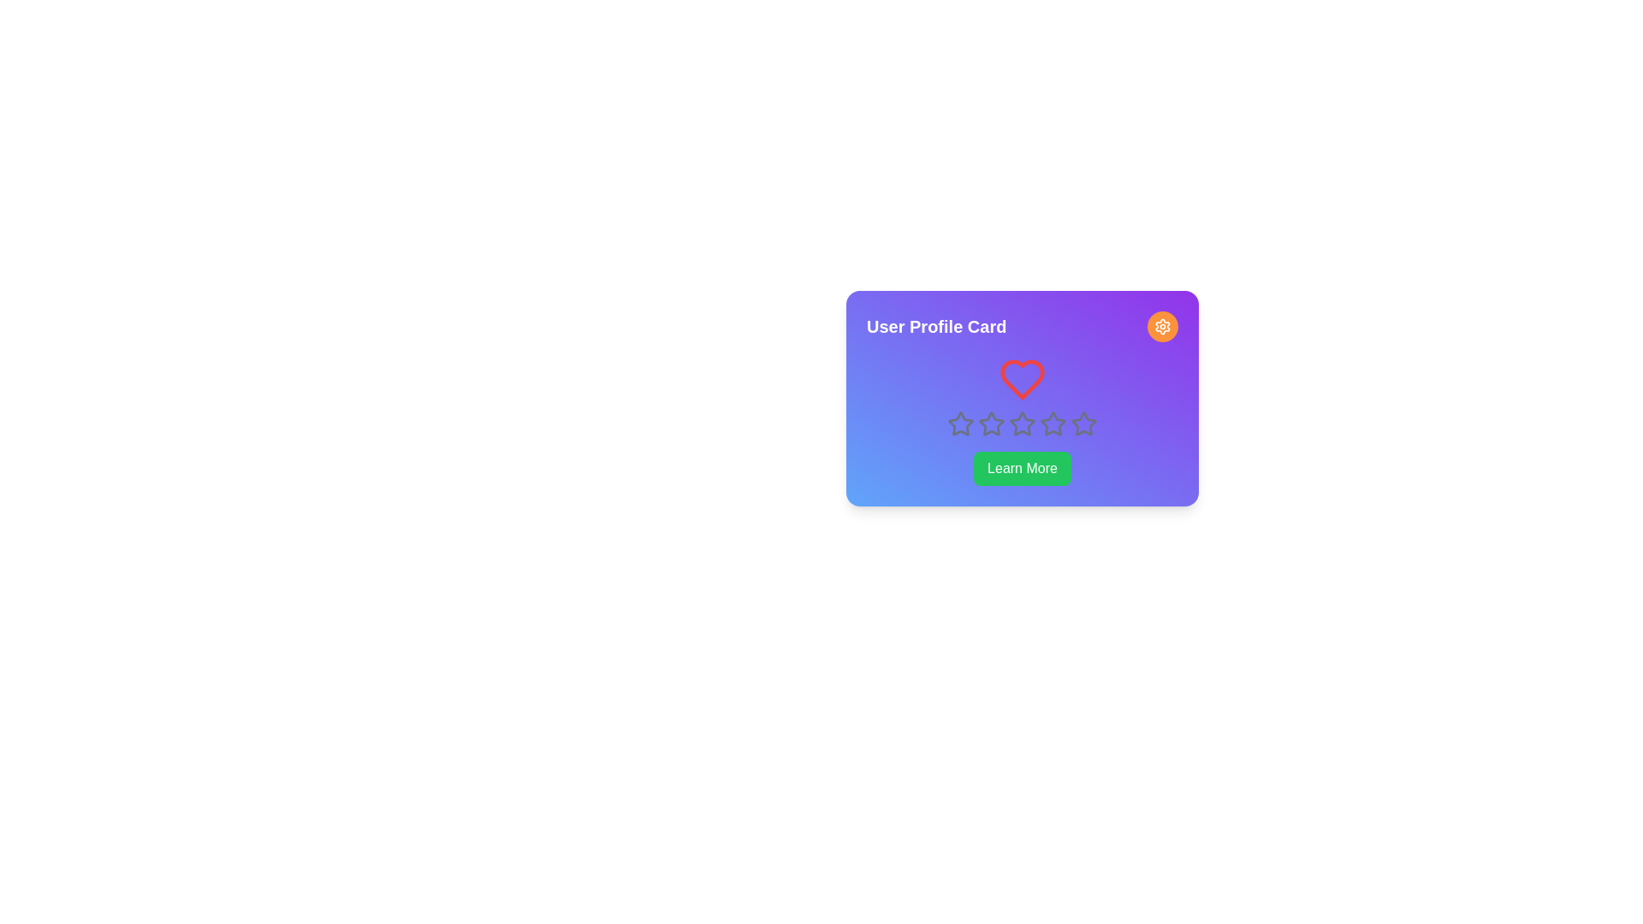  I want to click on the third star icon in a row of five star icons on the user profile card, so click(991, 423).